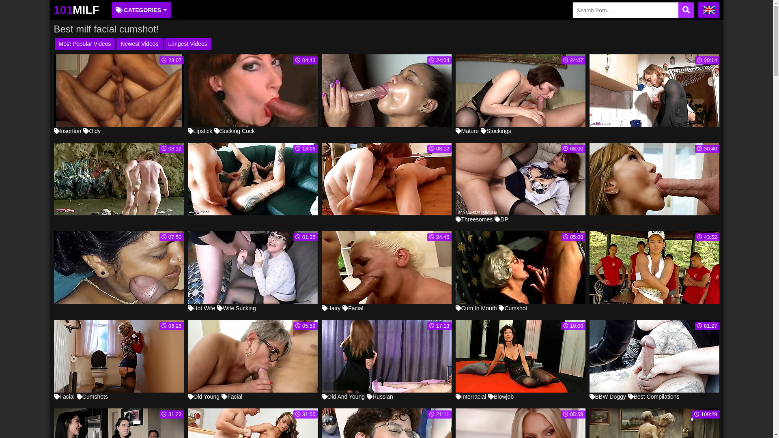 The width and height of the screenshot is (779, 438). What do you see at coordinates (481, 131) in the screenshot?
I see `'Stockings'` at bounding box center [481, 131].